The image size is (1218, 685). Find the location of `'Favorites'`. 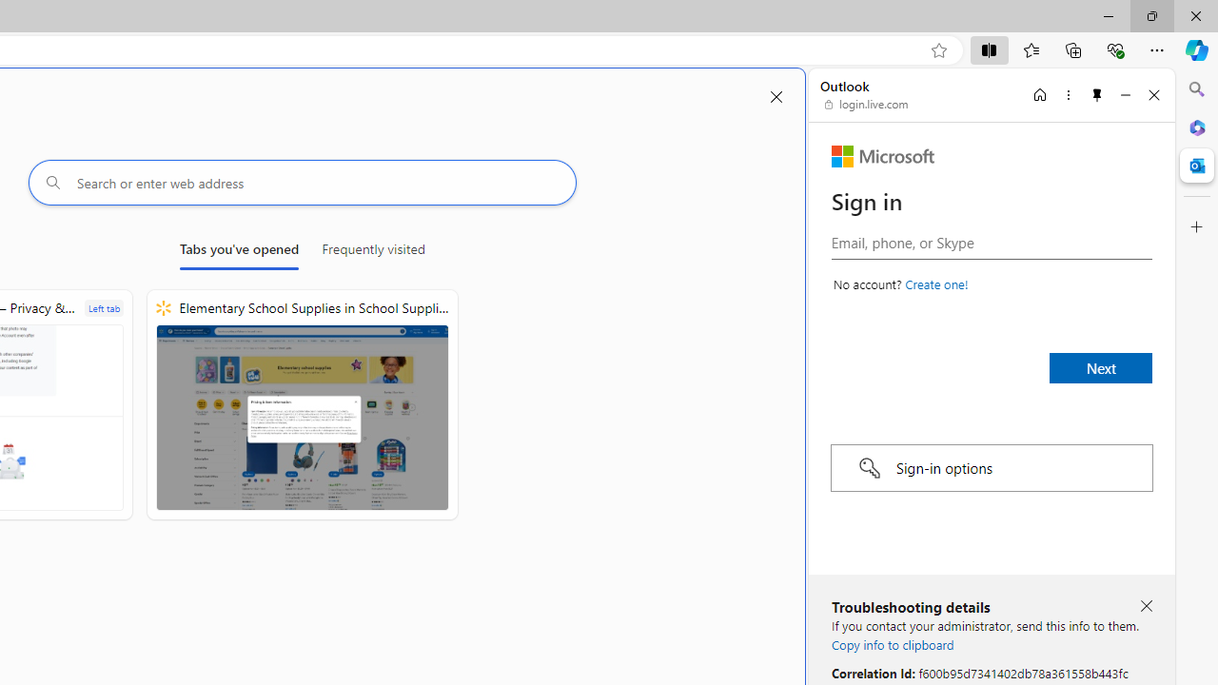

'Favorites' is located at coordinates (1030, 49).